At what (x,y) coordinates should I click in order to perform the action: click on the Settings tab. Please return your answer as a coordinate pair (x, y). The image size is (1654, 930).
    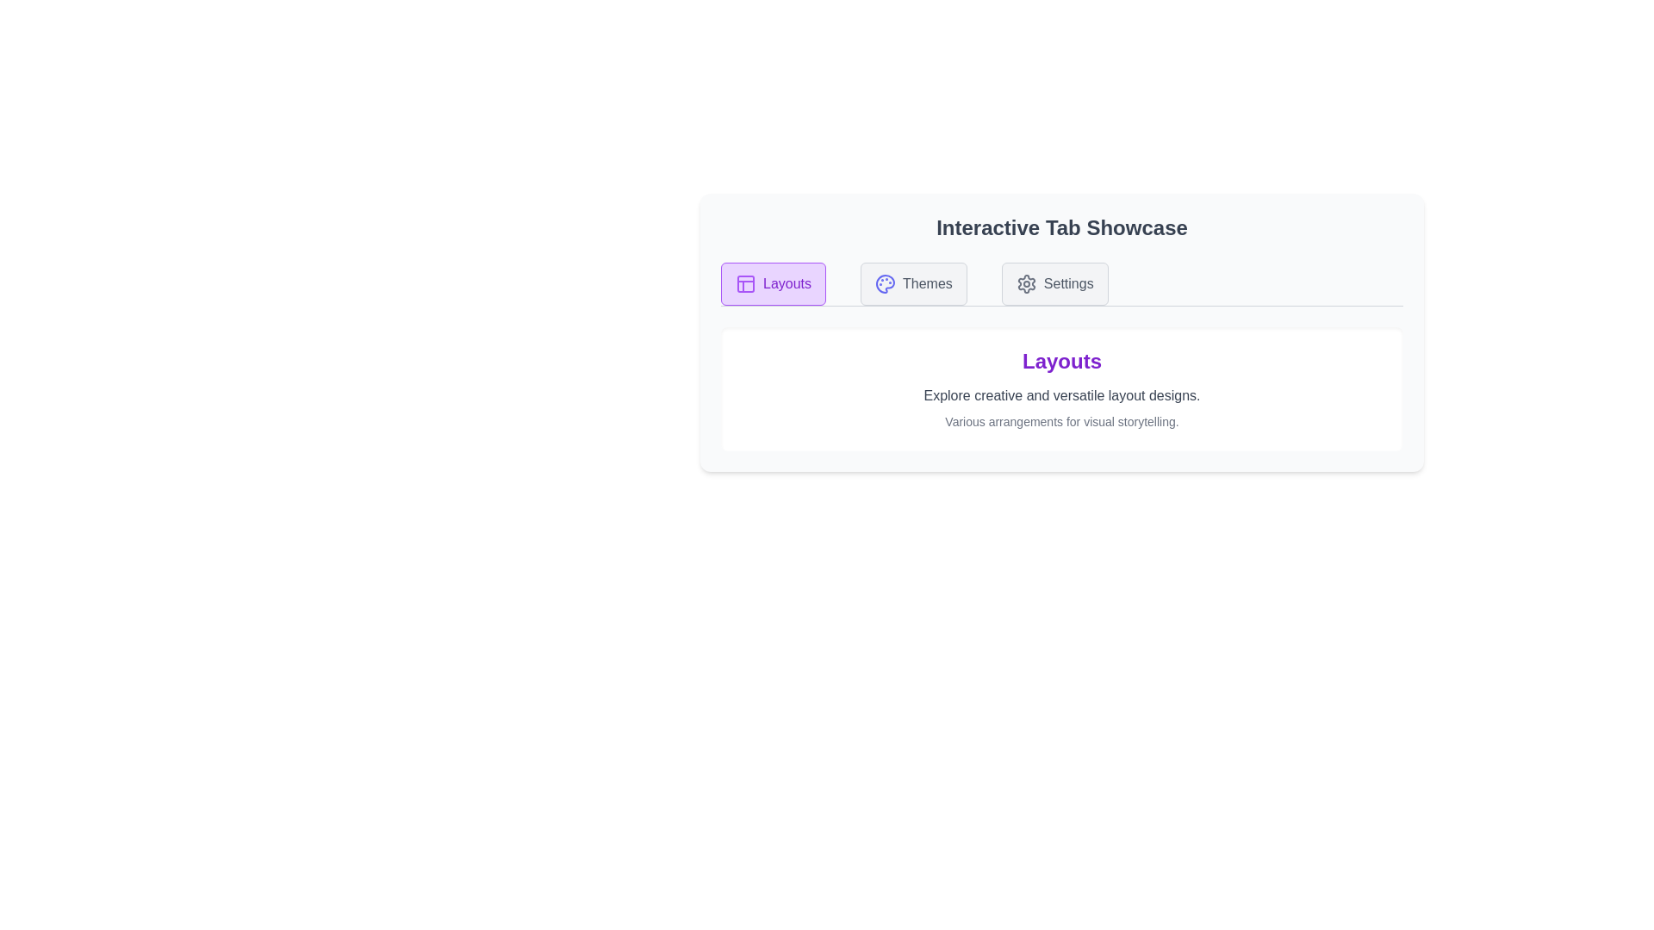
    Looking at the image, I should click on (1054, 283).